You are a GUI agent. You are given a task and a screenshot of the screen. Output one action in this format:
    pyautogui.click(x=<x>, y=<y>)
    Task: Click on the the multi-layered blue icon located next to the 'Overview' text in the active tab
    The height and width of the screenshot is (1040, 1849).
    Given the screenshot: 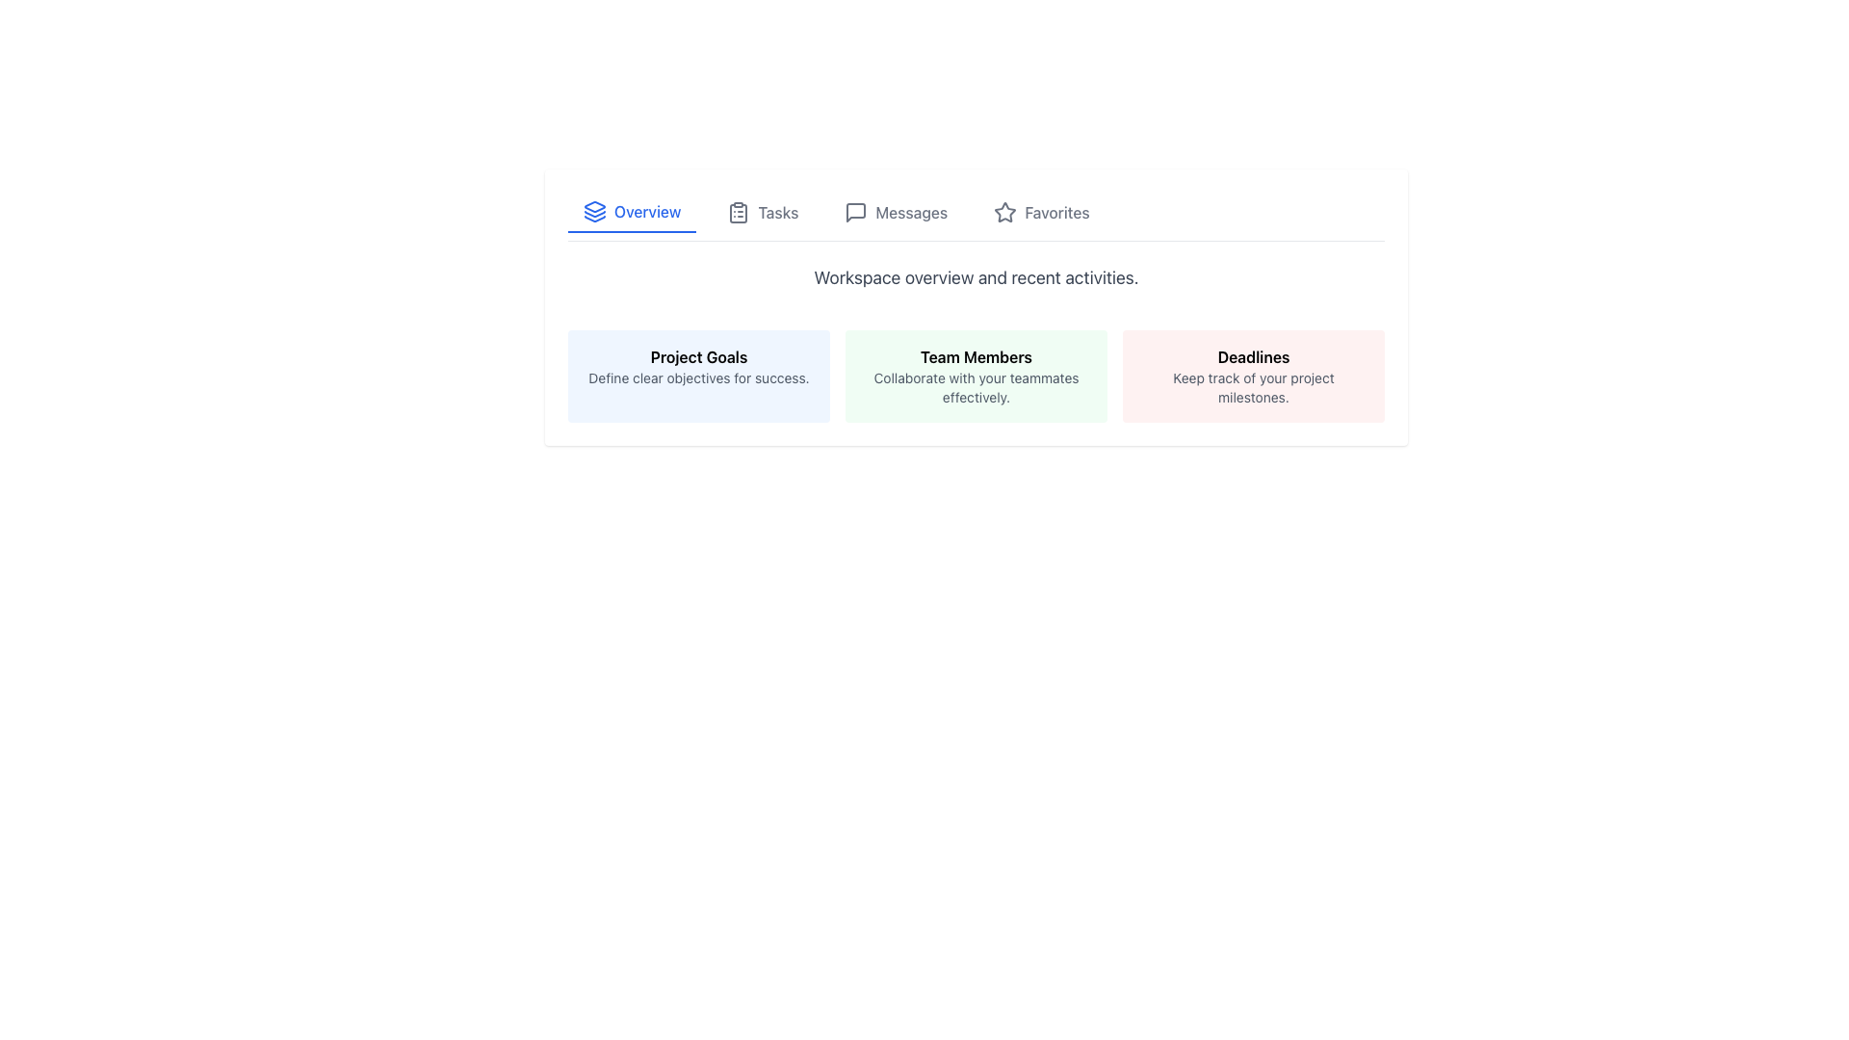 What is the action you would take?
    pyautogui.click(x=594, y=211)
    